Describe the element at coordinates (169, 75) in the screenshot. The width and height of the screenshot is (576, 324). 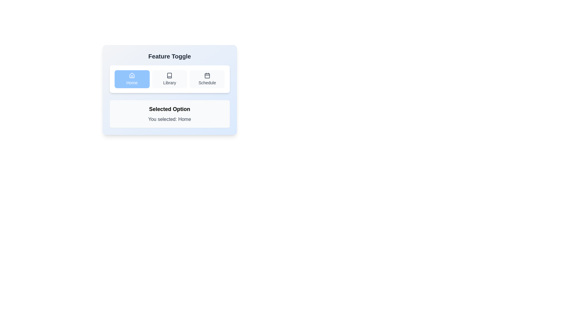
I see `the 'Library' icon located above the label text on the second button in a horizontal row of three buttons` at that location.